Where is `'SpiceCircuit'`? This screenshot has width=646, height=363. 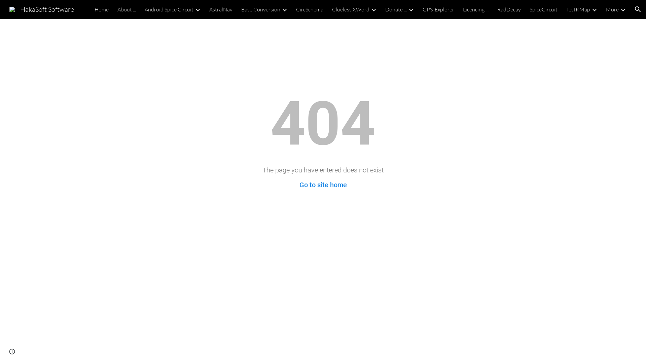 'SpiceCircuit' is located at coordinates (543, 9).